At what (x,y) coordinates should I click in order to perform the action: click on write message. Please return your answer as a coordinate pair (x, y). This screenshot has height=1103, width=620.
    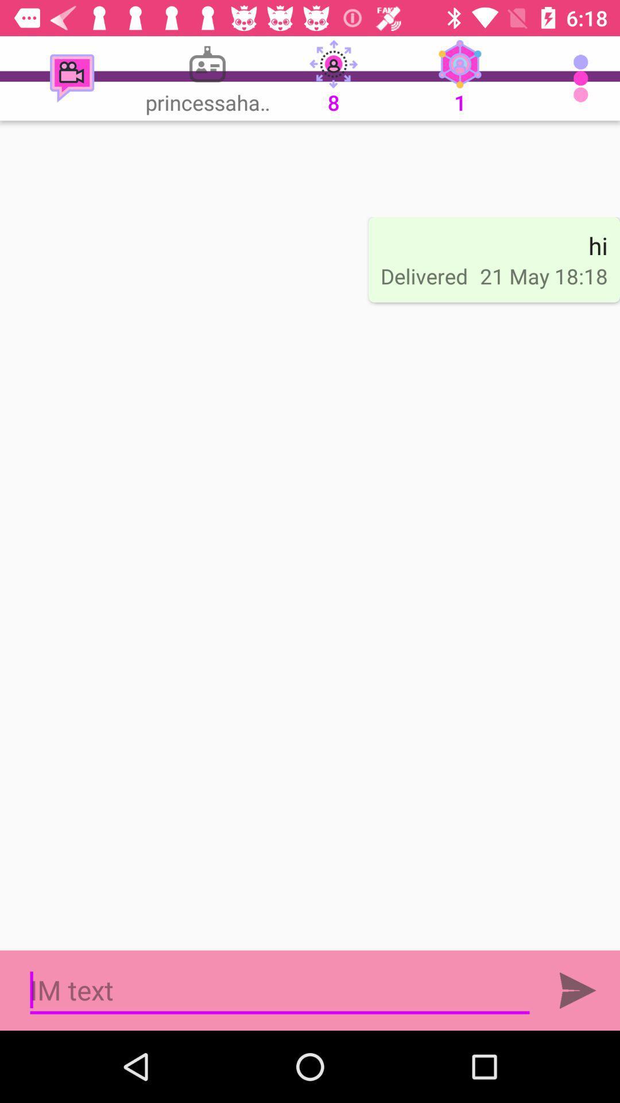
    Looking at the image, I should click on (280, 990).